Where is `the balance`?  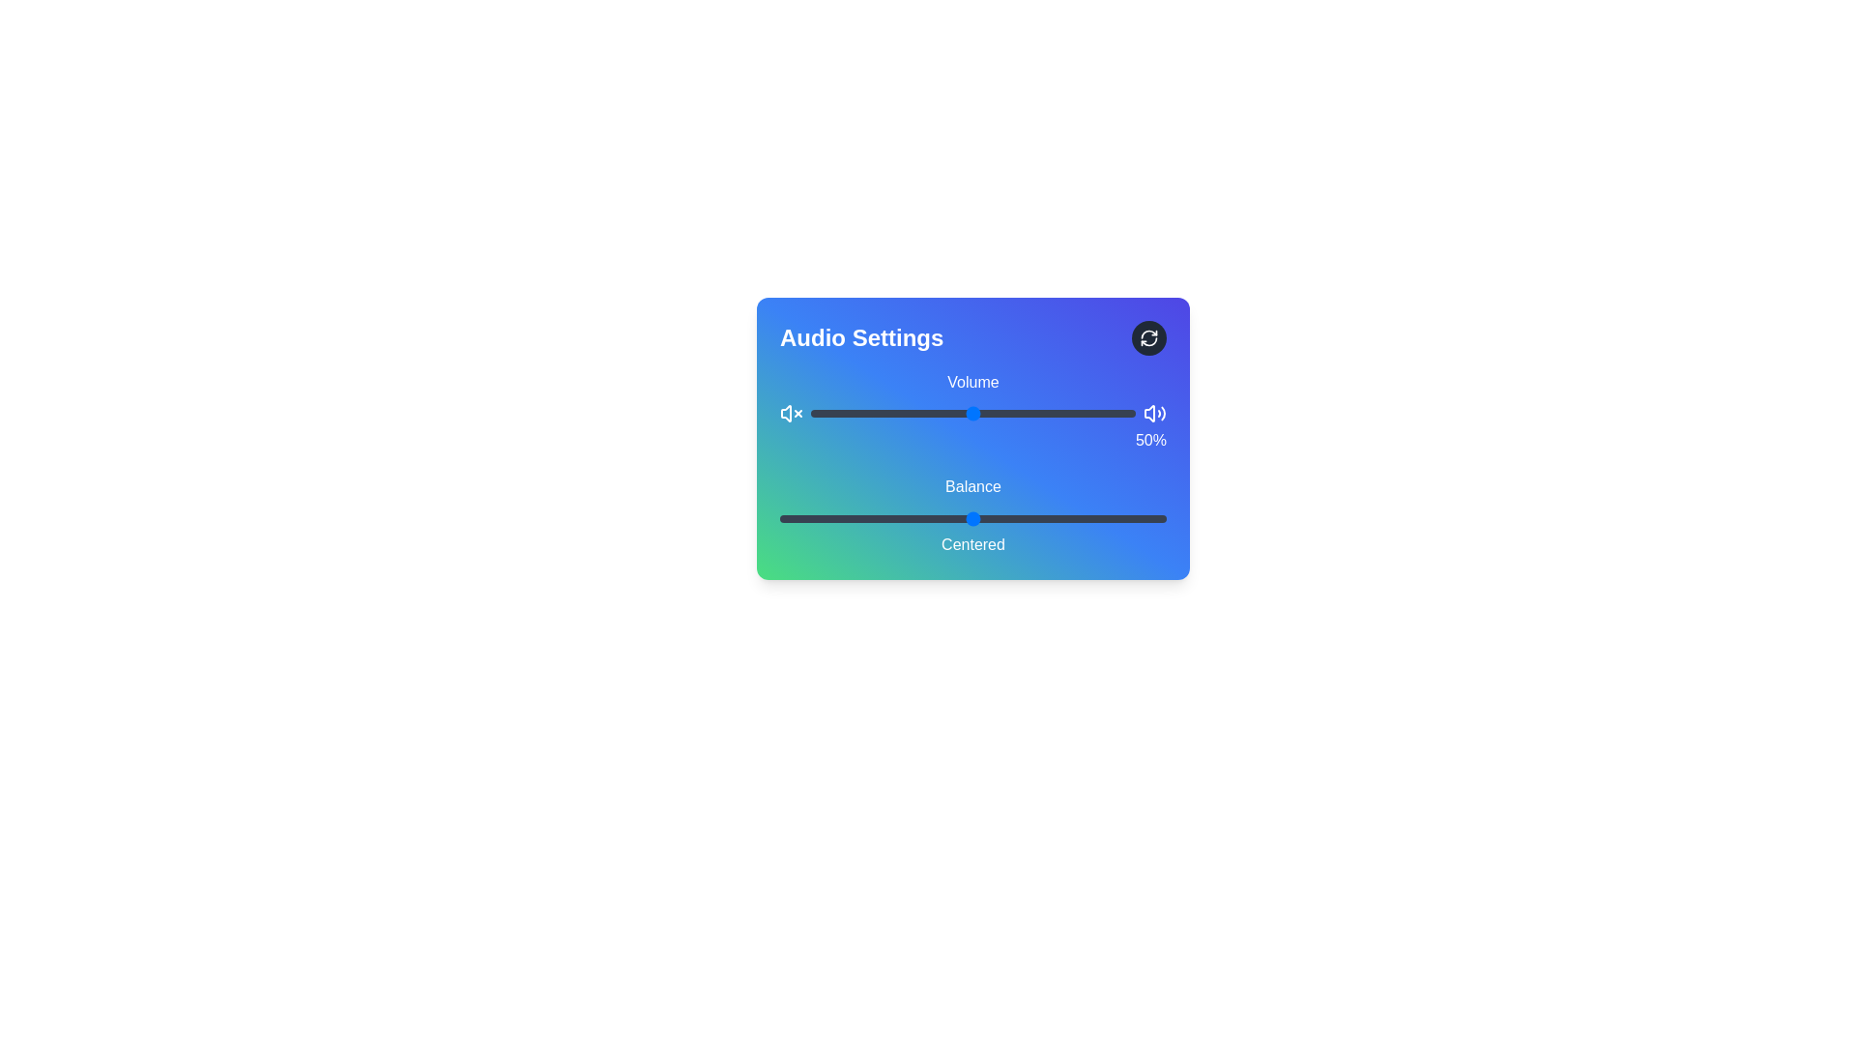 the balance is located at coordinates (1140, 517).